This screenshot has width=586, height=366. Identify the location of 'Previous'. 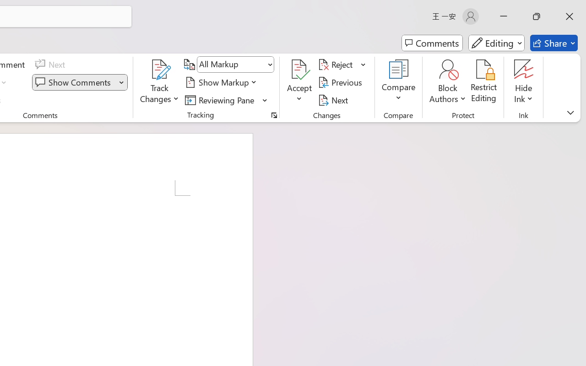
(341, 82).